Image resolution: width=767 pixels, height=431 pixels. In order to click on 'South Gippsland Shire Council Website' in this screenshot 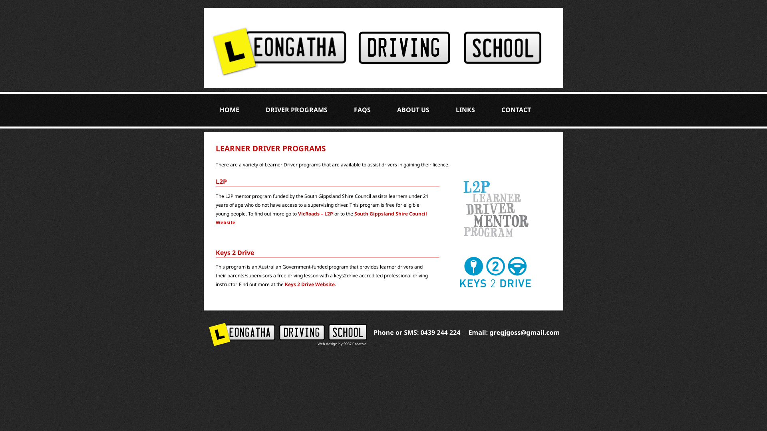, I will do `click(321, 218)`.